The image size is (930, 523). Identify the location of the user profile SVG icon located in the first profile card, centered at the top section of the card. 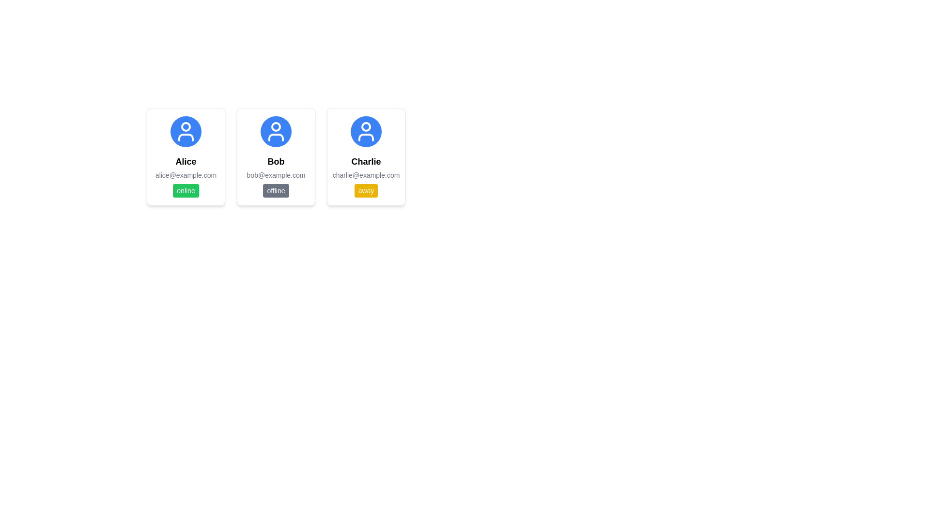
(186, 132).